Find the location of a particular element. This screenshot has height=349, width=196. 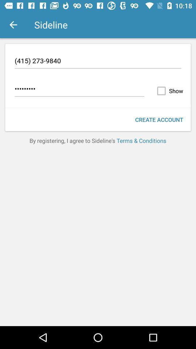

icon at the center is located at coordinates (98, 140).